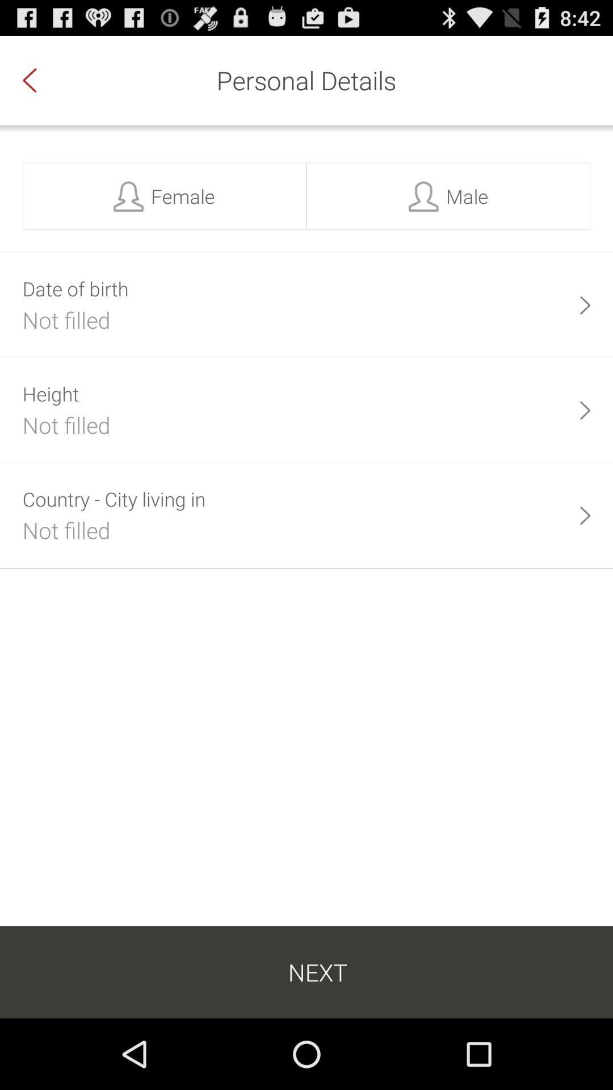  What do you see at coordinates (585, 515) in the screenshot?
I see `the item next to the country city living item` at bounding box center [585, 515].